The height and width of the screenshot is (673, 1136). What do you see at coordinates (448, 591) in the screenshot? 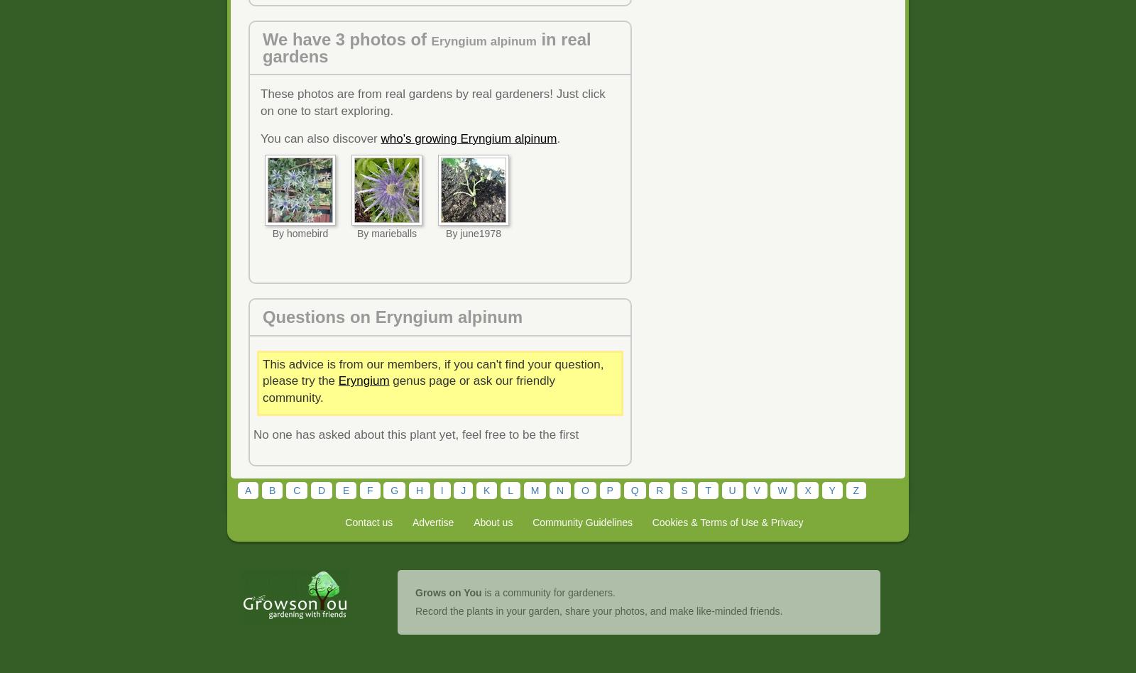
I see `'Grows on You'` at bounding box center [448, 591].